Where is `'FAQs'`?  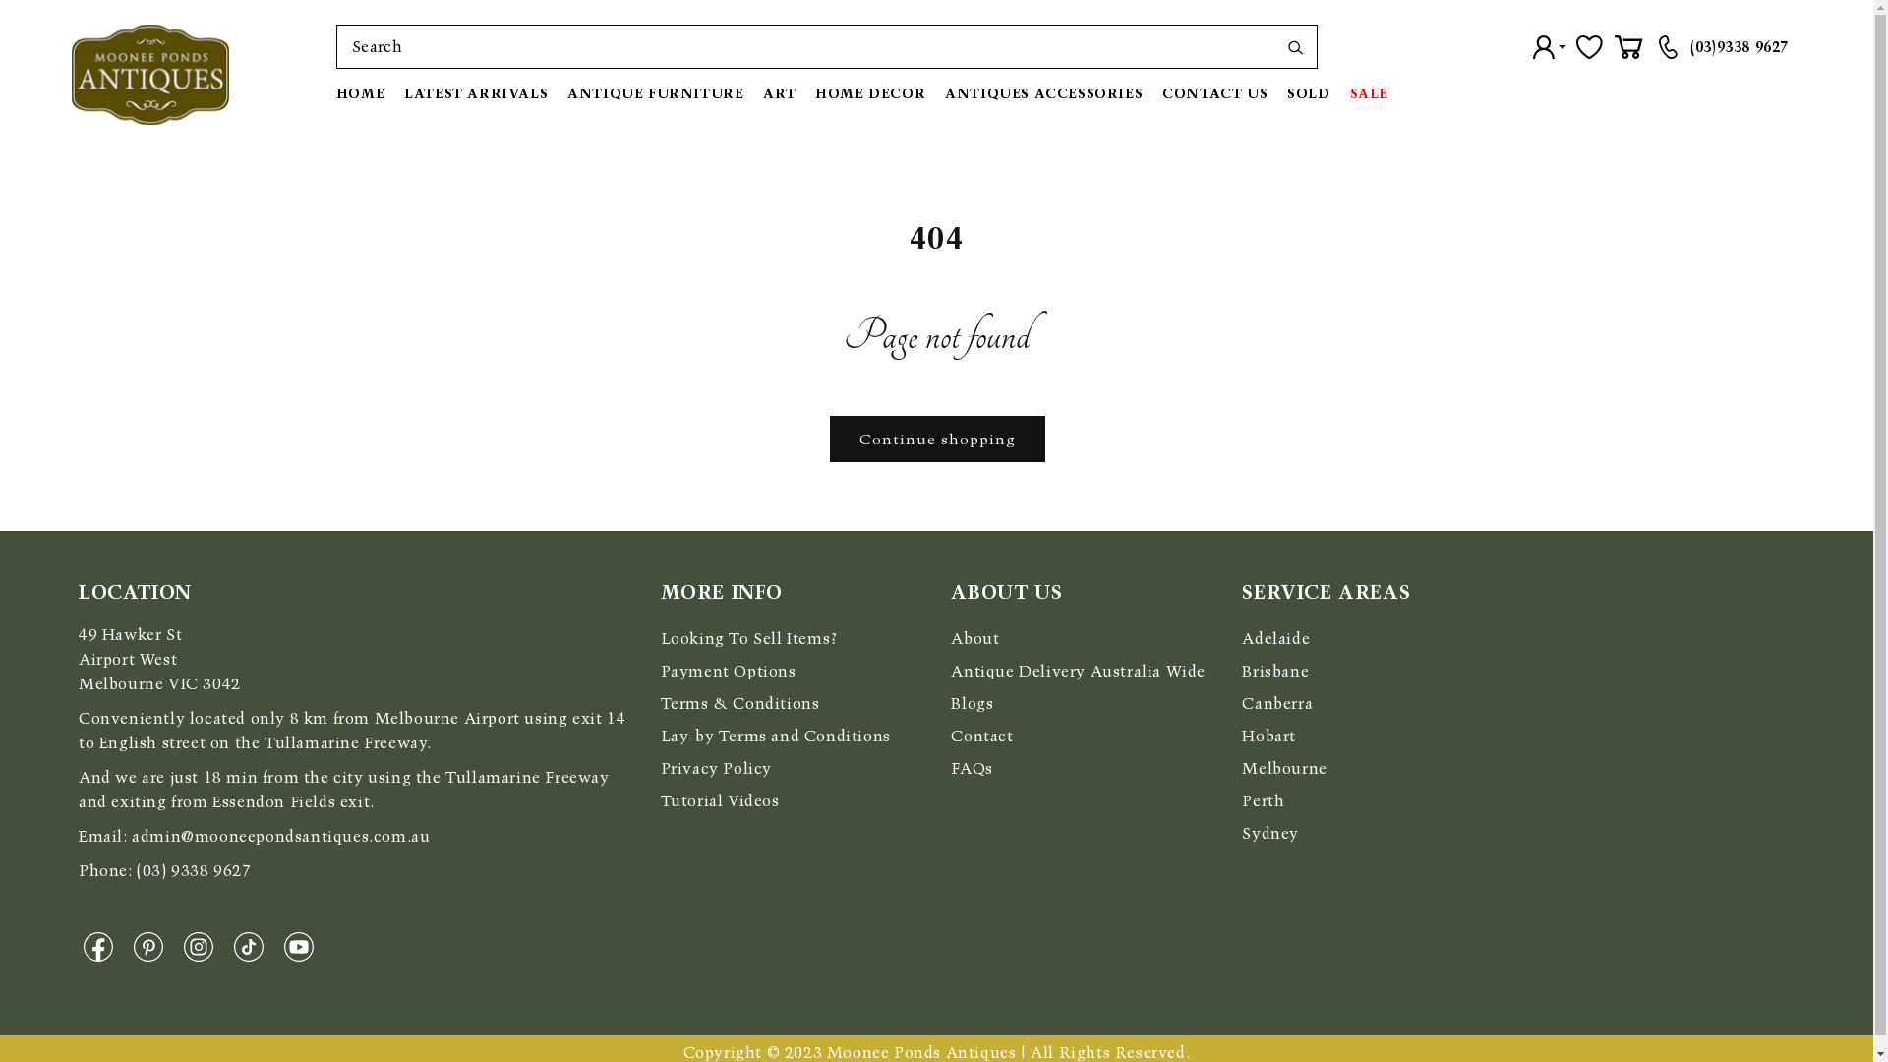
'FAQs' is located at coordinates (972, 767).